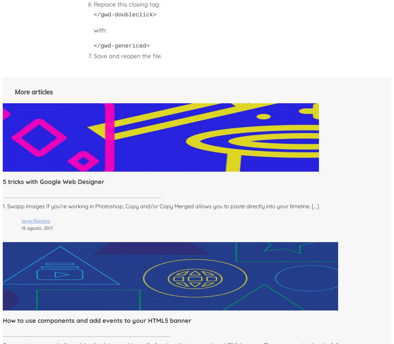 The image size is (394, 344). Describe the element at coordinates (53, 182) in the screenshot. I see `'5 tricks with Google Web Designer'` at that location.